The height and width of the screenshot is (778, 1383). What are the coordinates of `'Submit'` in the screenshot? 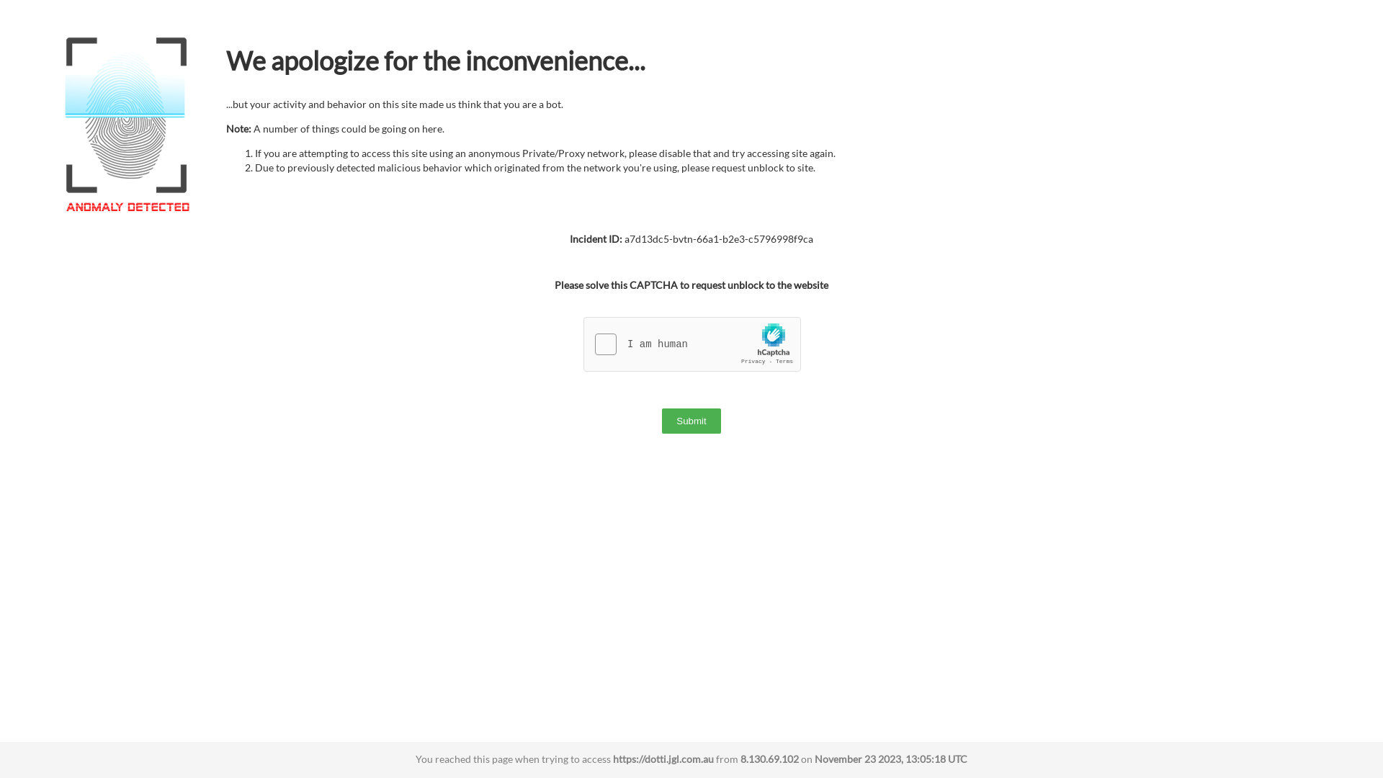 It's located at (690, 421).